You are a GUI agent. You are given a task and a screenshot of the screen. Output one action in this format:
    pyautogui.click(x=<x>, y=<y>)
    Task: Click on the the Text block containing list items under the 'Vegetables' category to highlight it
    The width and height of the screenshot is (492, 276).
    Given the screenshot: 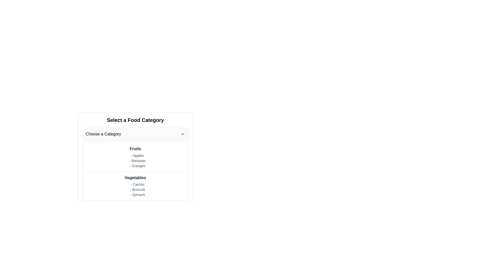 What is the action you would take?
    pyautogui.click(x=135, y=189)
    